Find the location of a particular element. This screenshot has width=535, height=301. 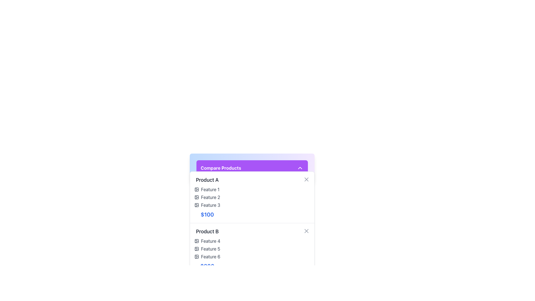

the text and icon element labeled 'Feature 4' in the list of features under 'Product B' is located at coordinates (207, 241).